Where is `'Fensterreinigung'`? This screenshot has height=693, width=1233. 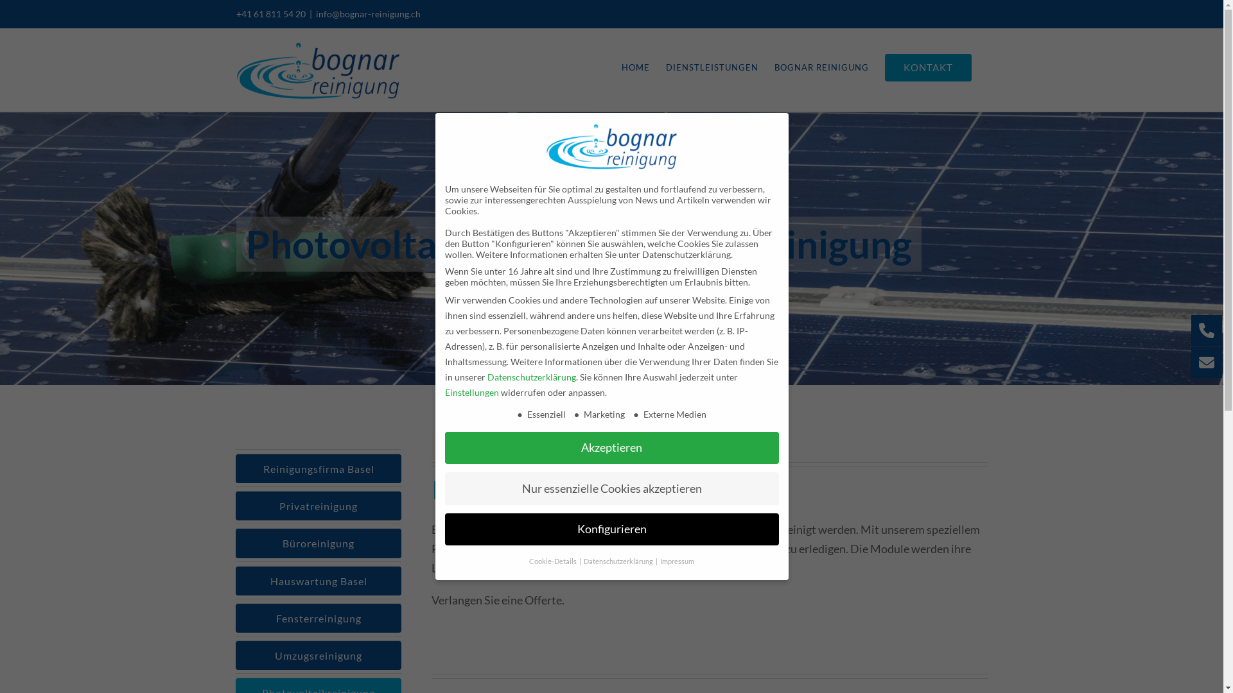 'Fensterreinigung' is located at coordinates (318, 617).